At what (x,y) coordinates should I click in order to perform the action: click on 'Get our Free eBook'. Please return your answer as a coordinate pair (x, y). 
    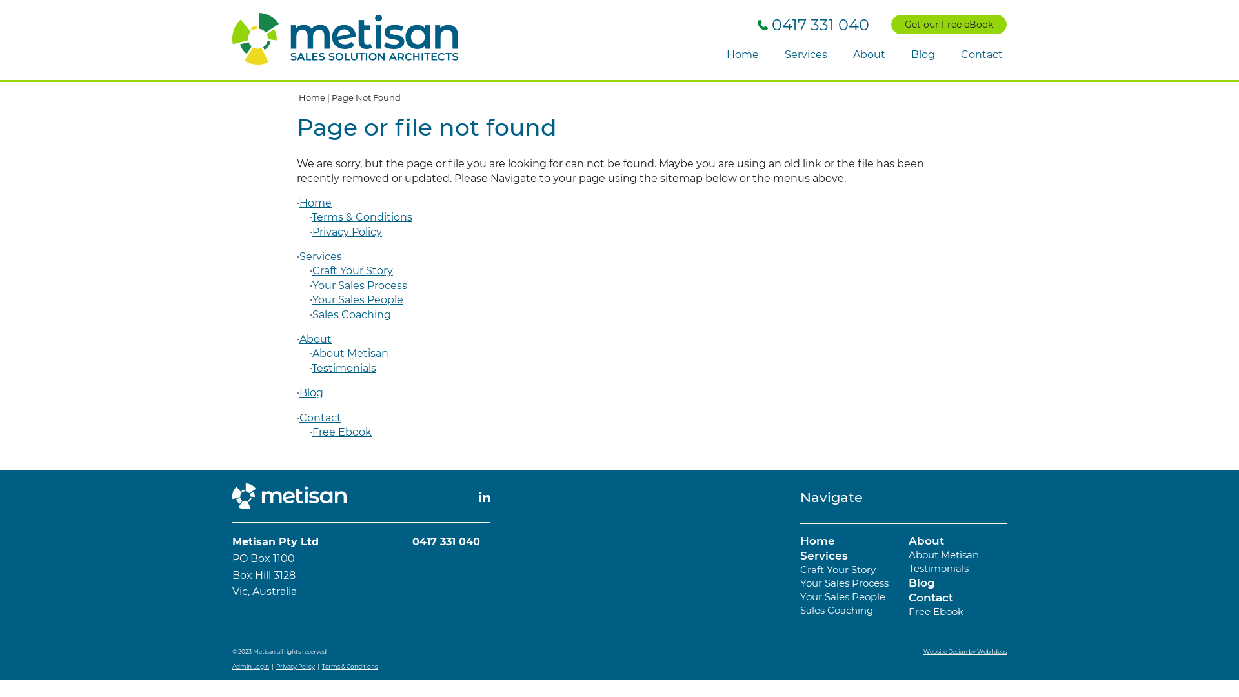
    Looking at the image, I should click on (949, 25).